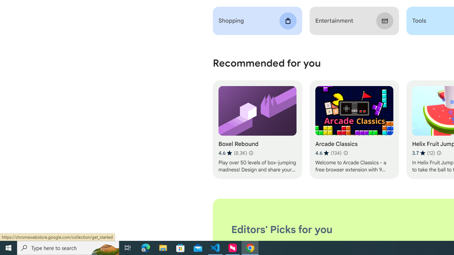 This screenshot has width=454, height=255. I want to click on 'Average rating 4.6 out of 5 stars. 134 ratings.', so click(328, 153).